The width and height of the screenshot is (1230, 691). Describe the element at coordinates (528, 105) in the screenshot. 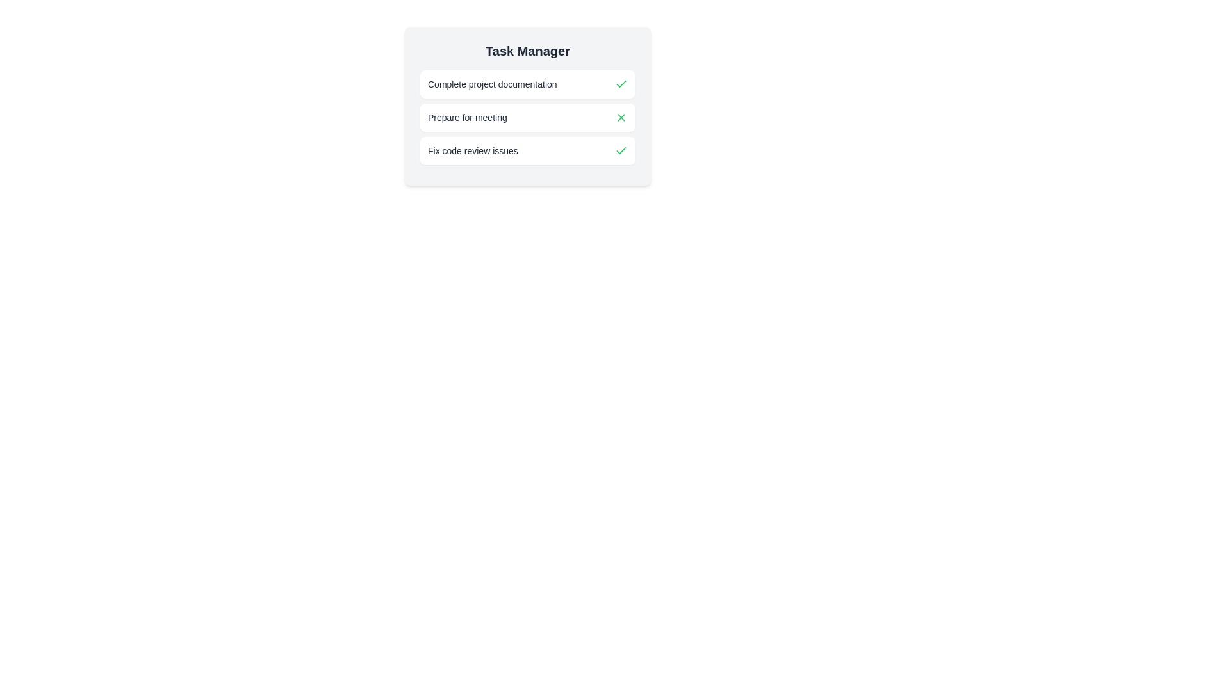

I see `the list item labeled 'Prepare for meeting' in the Task Manager, which has a strikethrough and a red 'x' icon, indicating its completion status` at that location.